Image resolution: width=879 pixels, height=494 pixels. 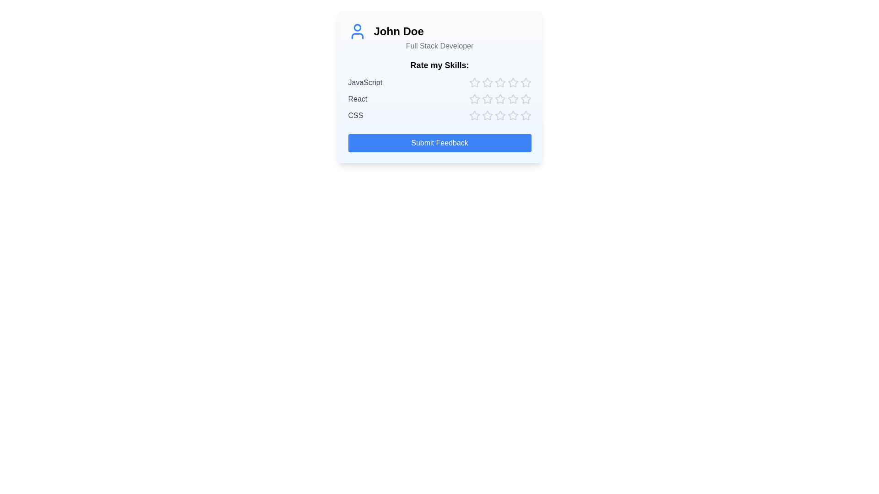 What do you see at coordinates (439, 143) in the screenshot?
I see `the 'Submit Feedback' button` at bounding box center [439, 143].